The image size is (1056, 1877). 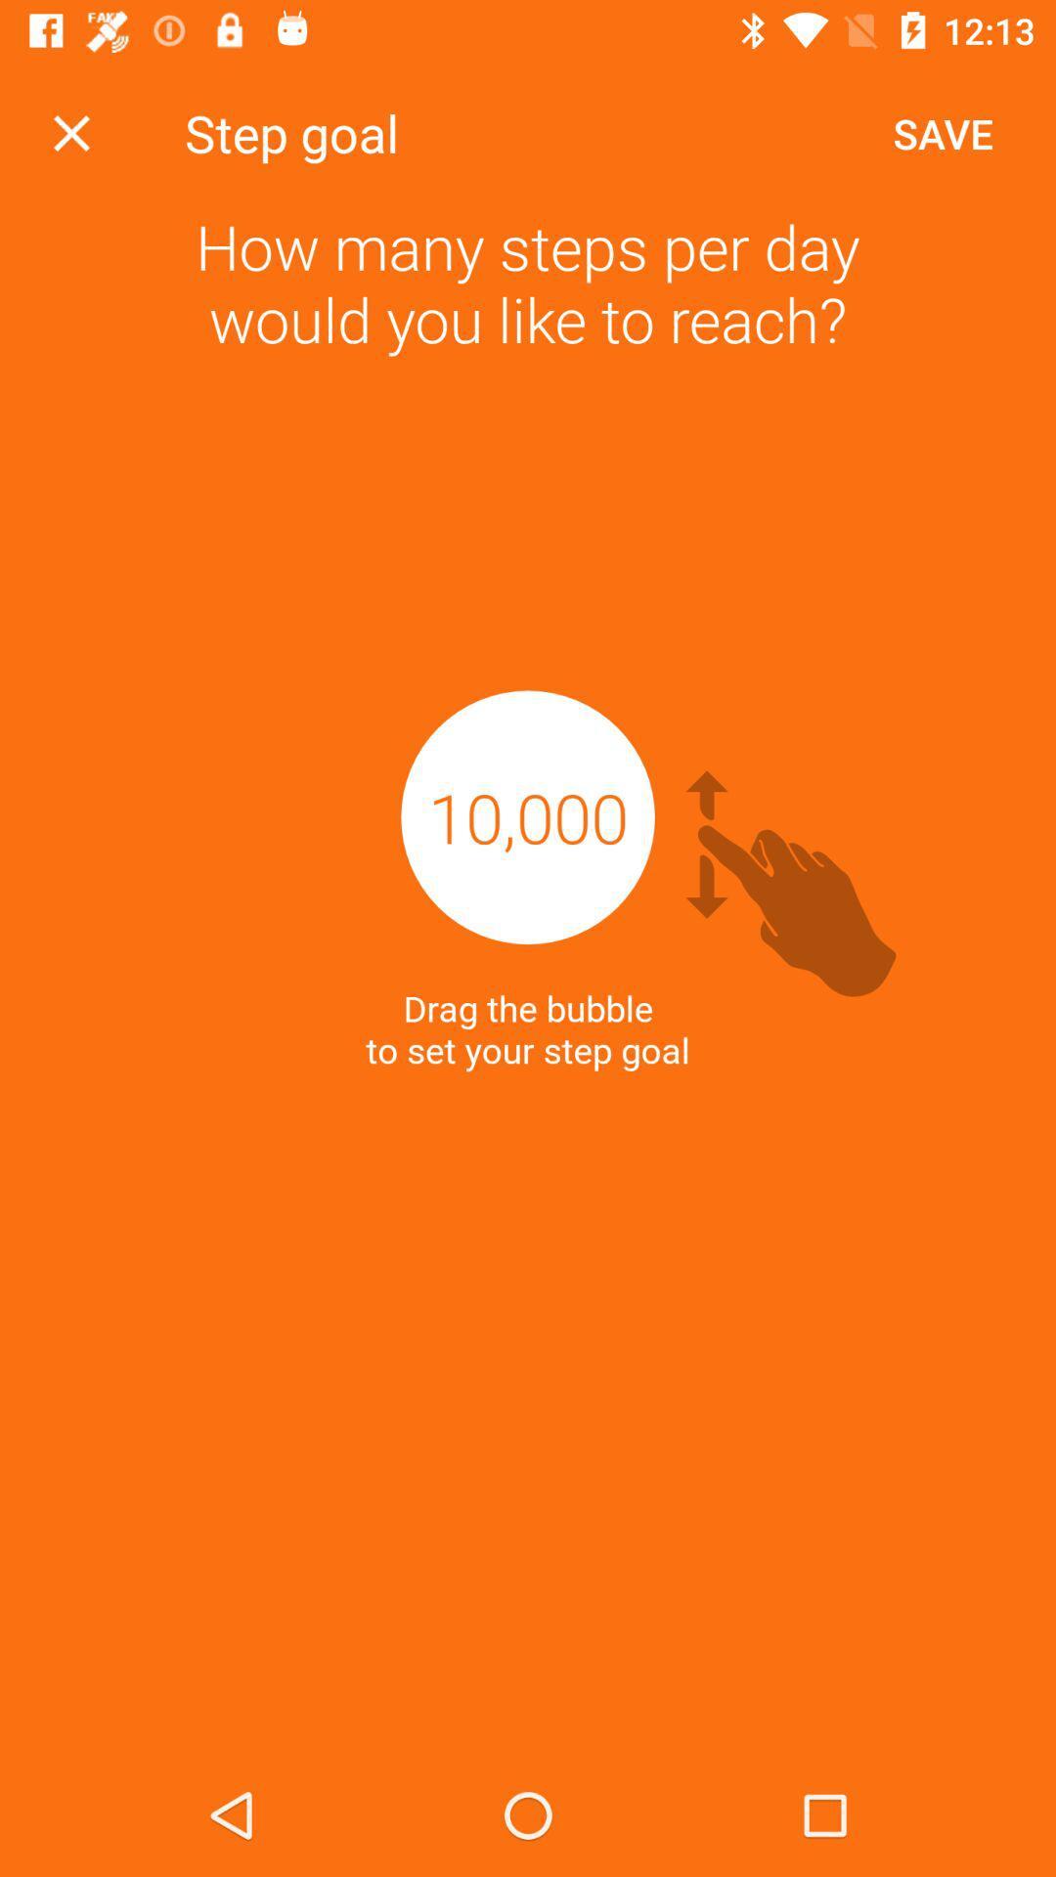 I want to click on app above how many steps icon, so click(x=942, y=132).